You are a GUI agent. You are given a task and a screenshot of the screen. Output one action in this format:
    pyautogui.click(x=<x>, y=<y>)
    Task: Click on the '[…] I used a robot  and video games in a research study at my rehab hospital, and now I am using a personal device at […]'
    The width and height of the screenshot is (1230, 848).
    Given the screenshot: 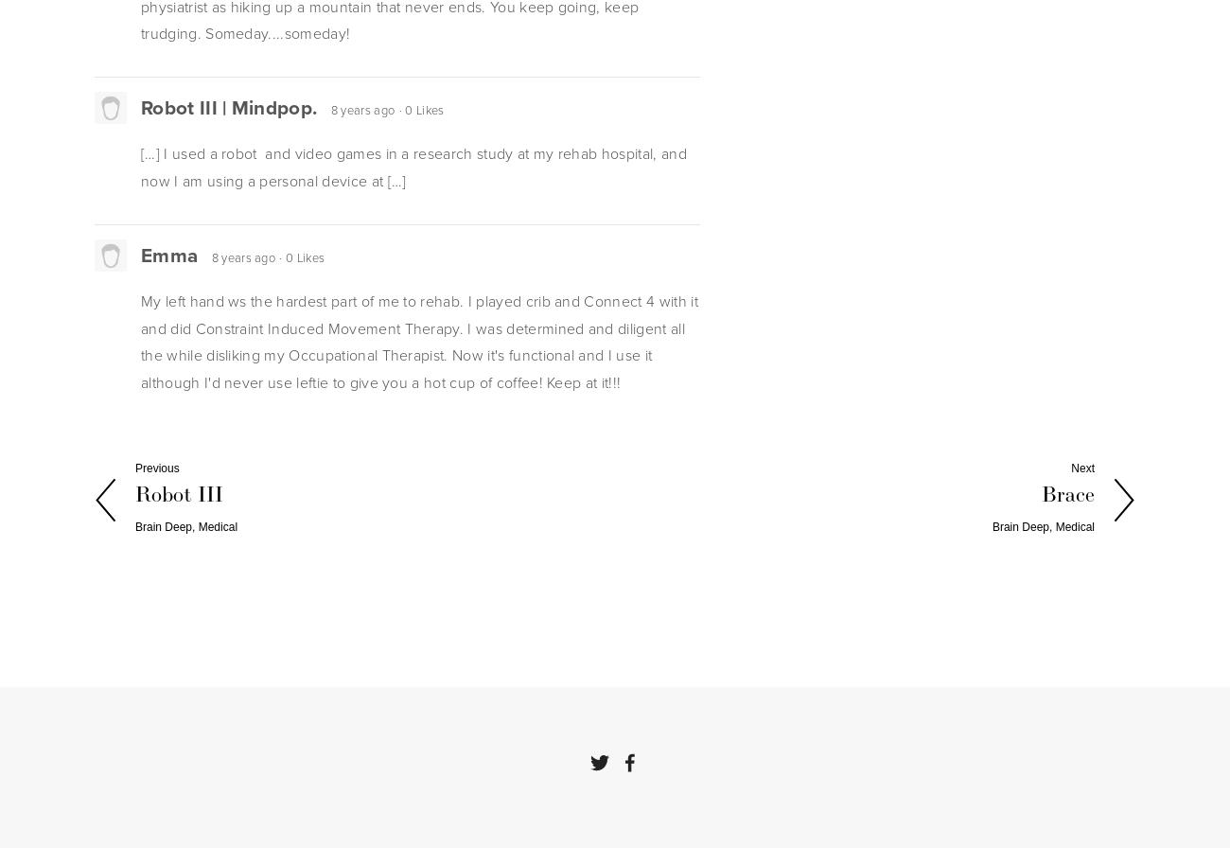 What is the action you would take?
    pyautogui.click(x=413, y=167)
    